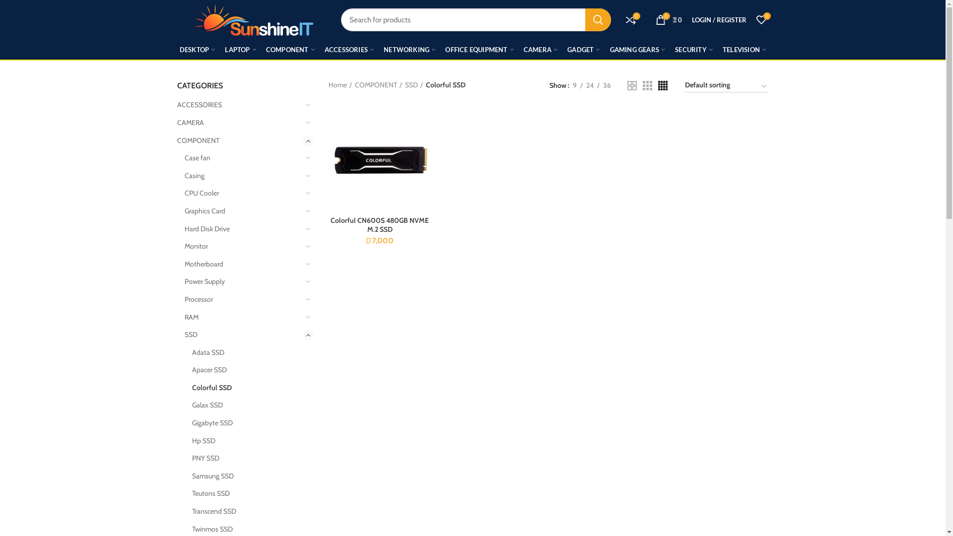 This screenshot has height=536, width=953. I want to click on 'PNY SSD', so click(246, 459).